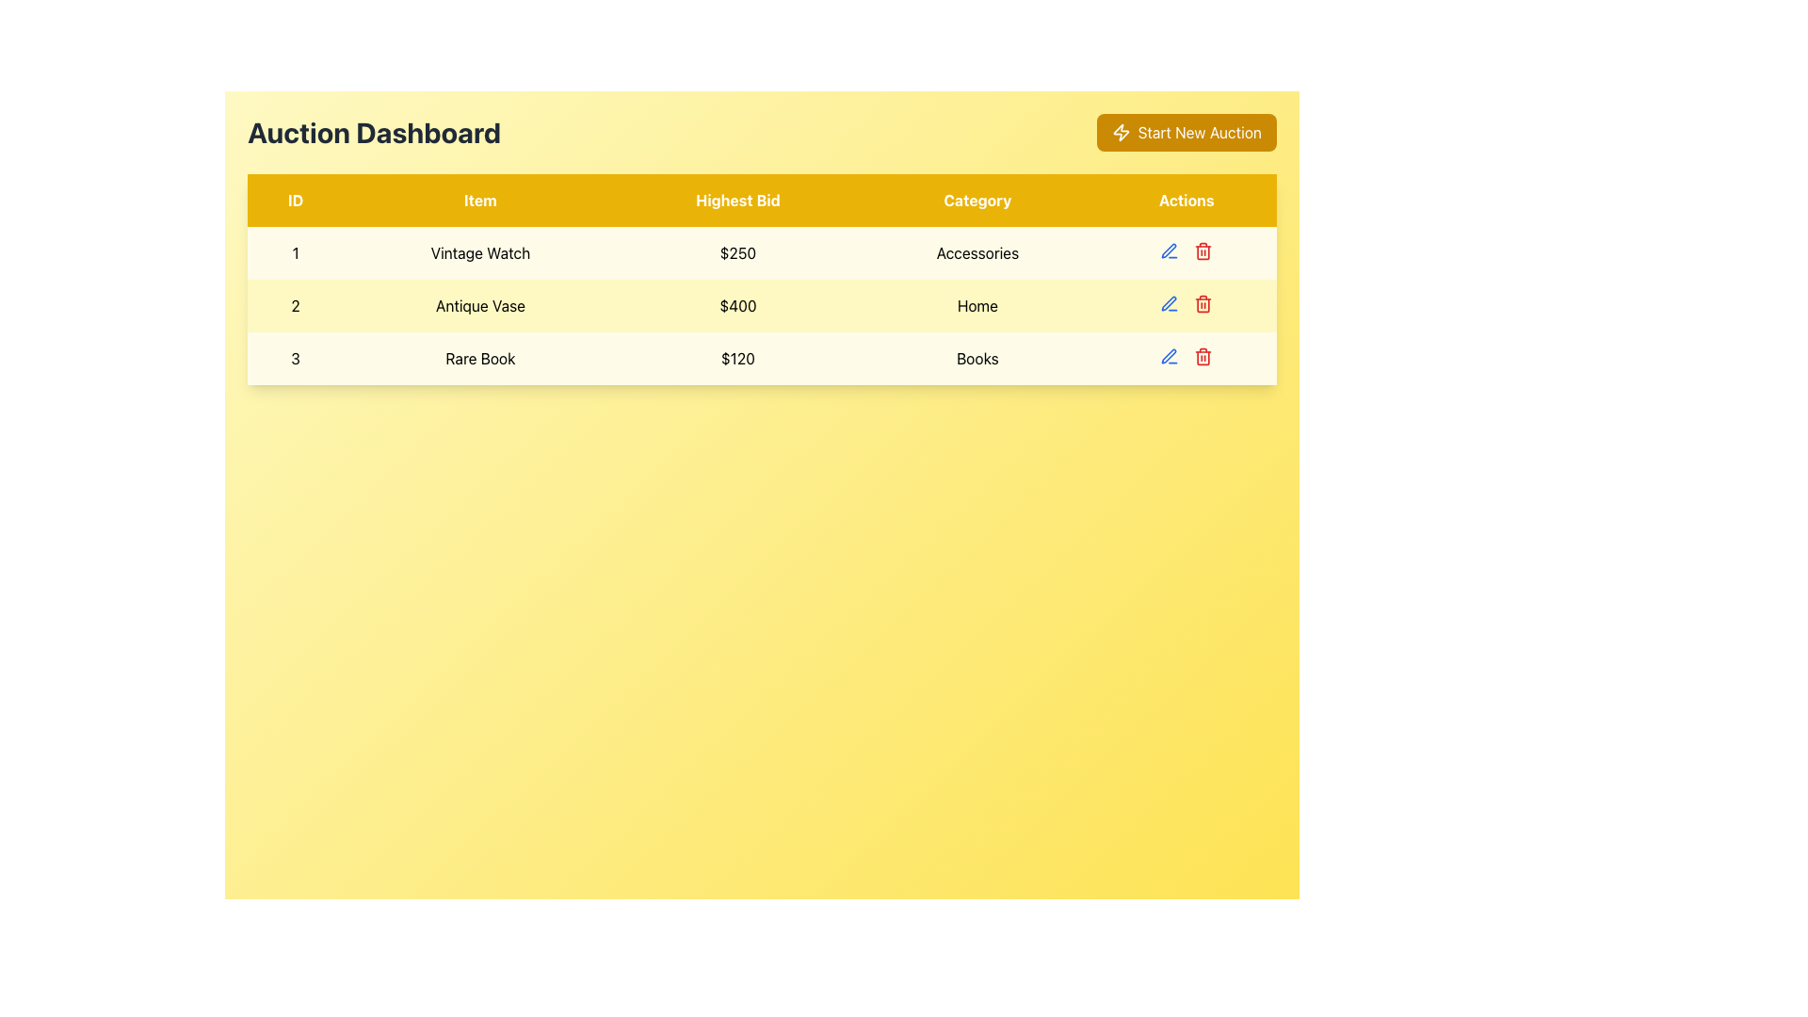  What do you see at coordinates (977, 359) in the screenshot?
I see `the 'Books' text label located in the third row of the table under the 'Category' column` at bounding box center [977, 359].